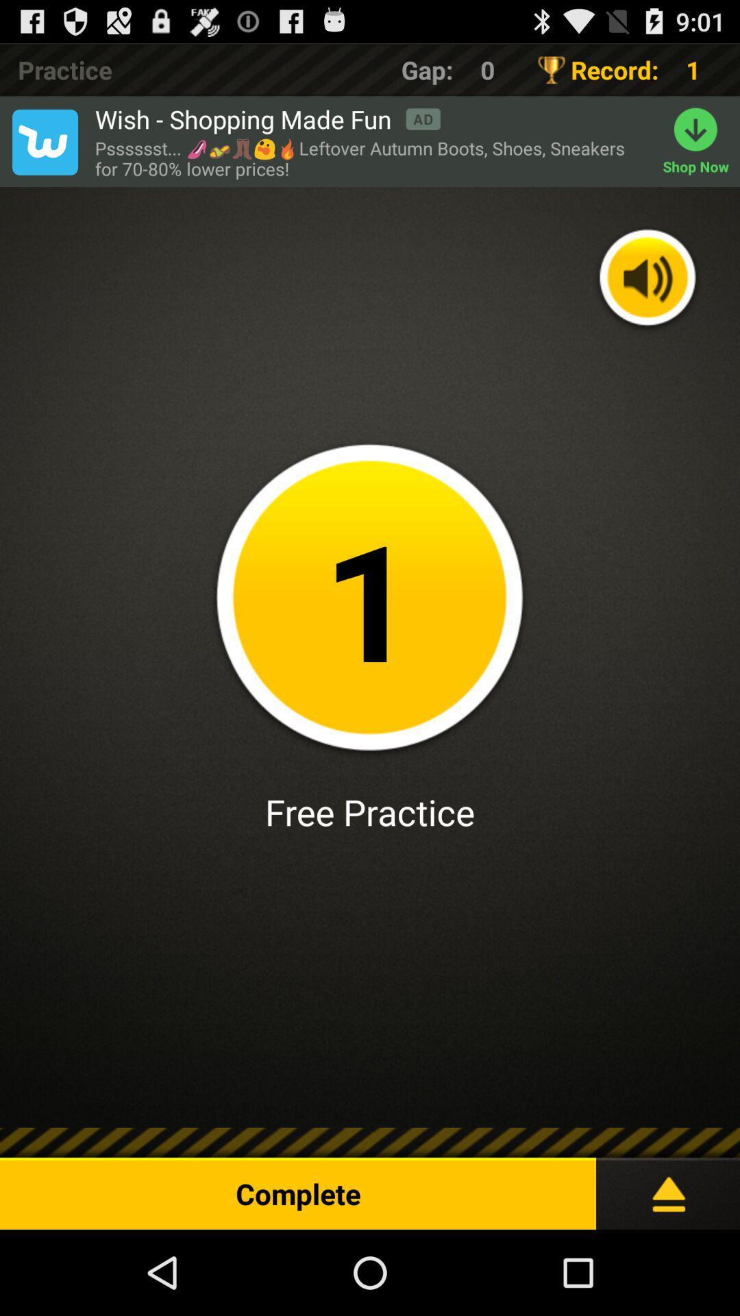 The width and height of the screenshot is (740, 1316). I want to click on advertisement about wish, so click(44, 142).